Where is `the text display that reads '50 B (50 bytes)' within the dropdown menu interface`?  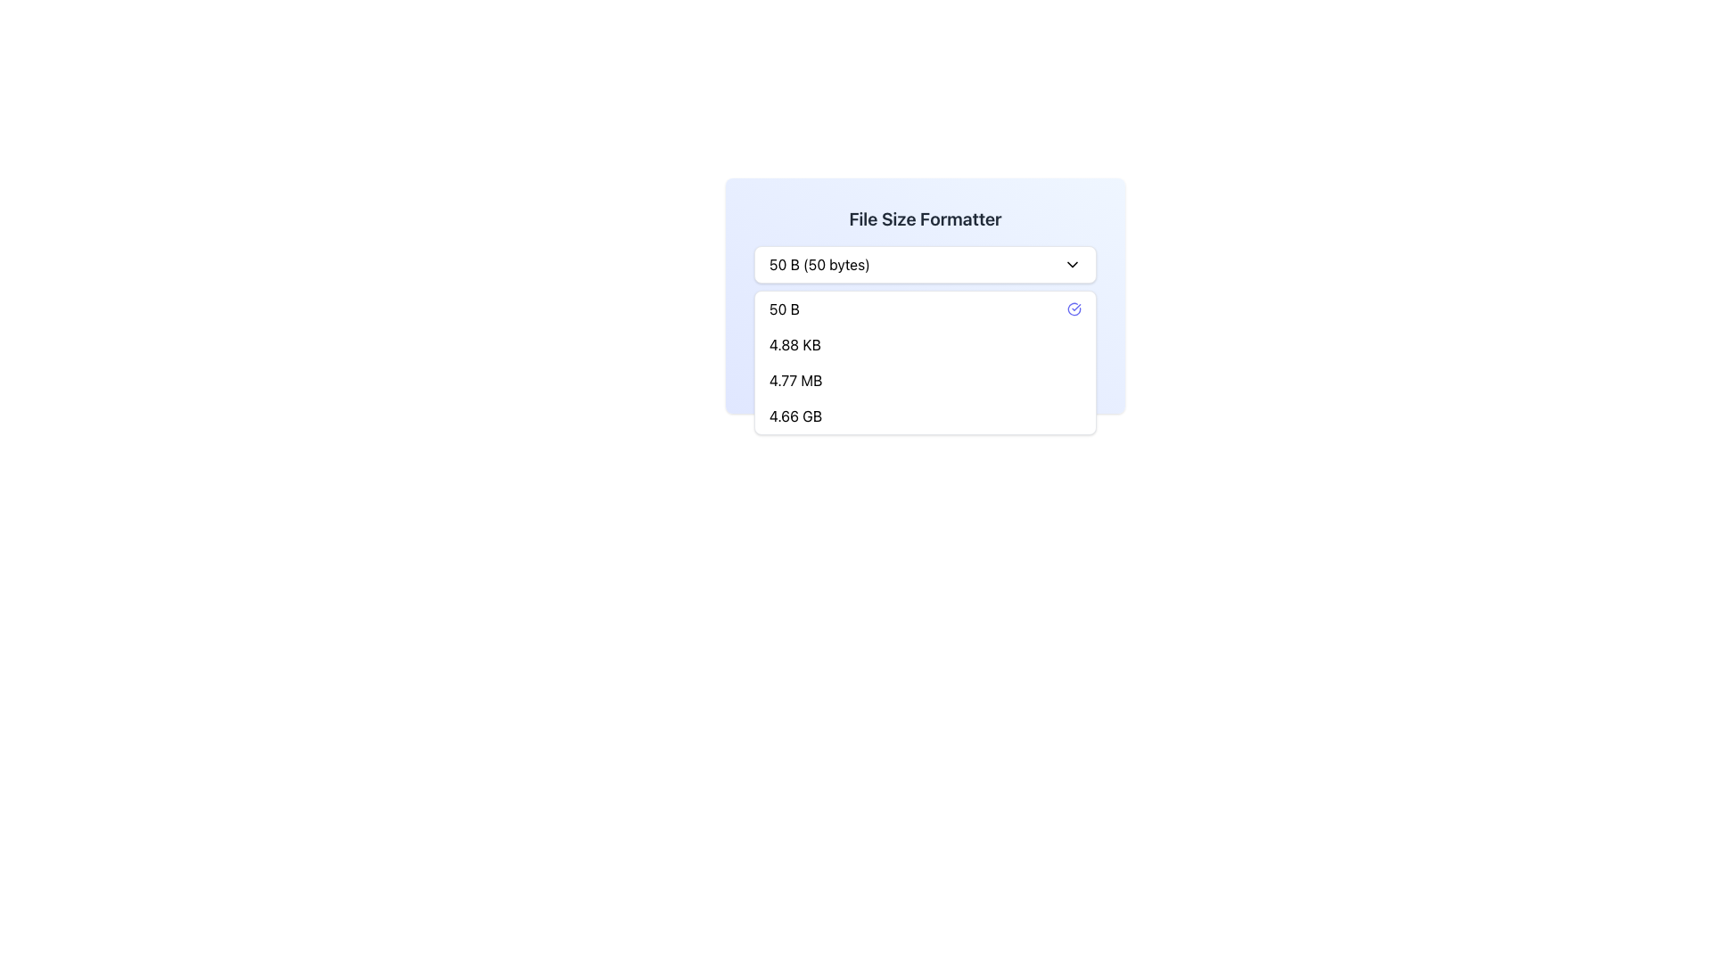
the text display that reads '50 B (50 bytes)' within the dropdown menu interface is located at coordinates (819, 265).